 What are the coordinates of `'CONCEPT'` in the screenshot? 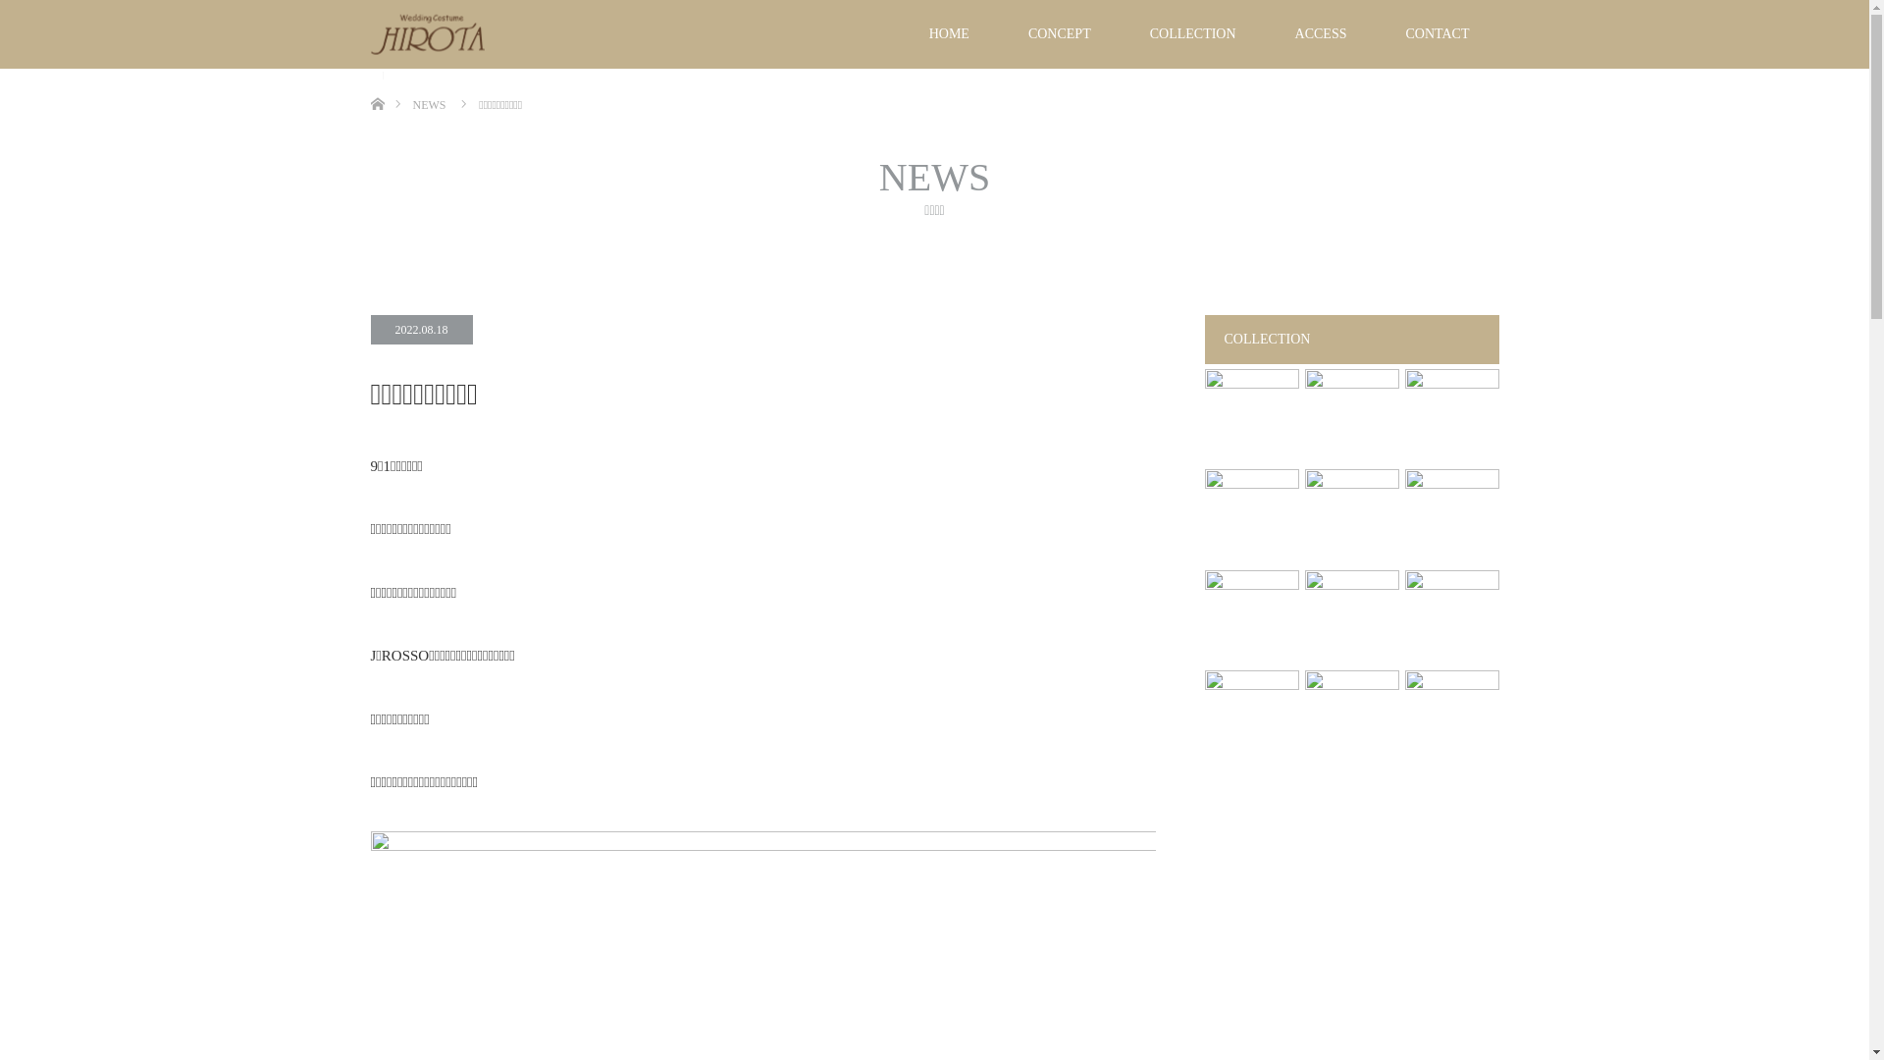 It's located at (1059, 33).